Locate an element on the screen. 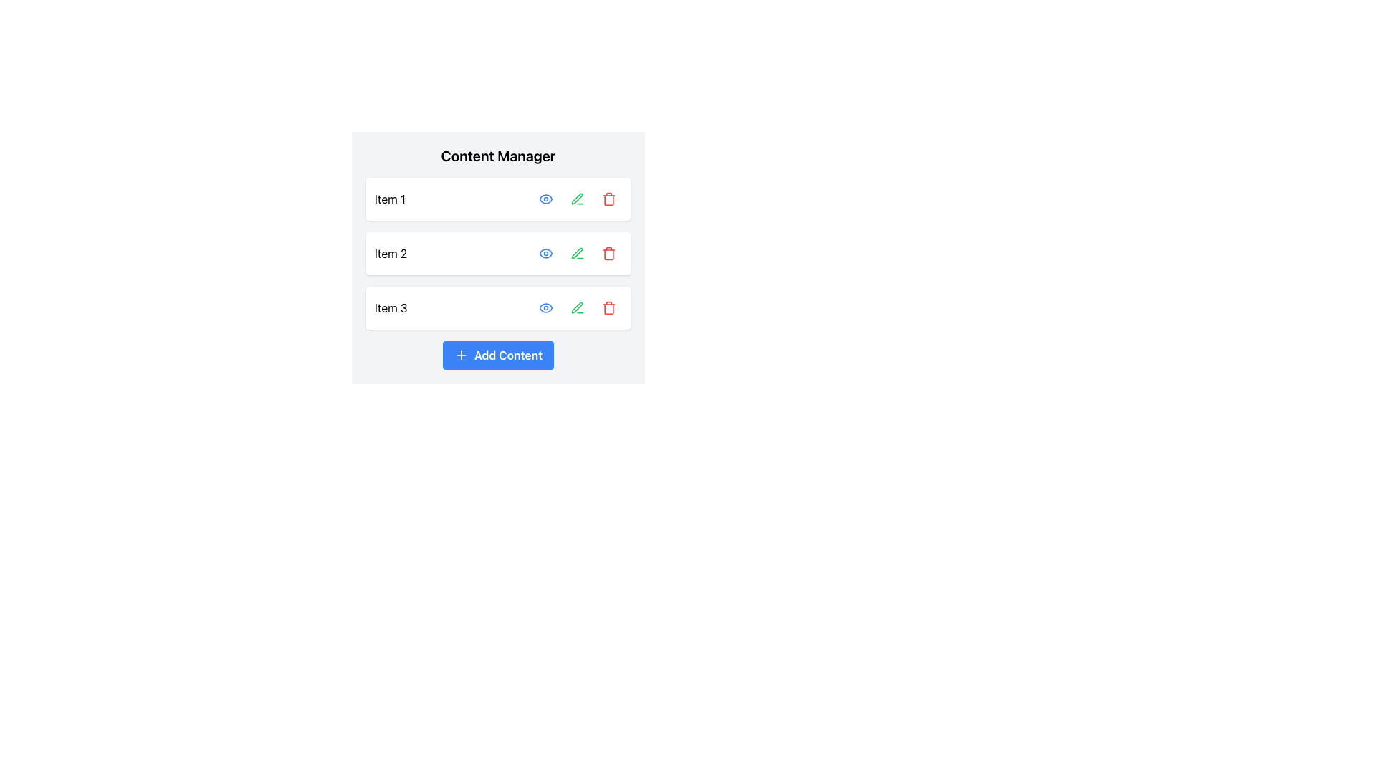 Image resolution: width=1376 pixels, height=774 pixels. the Icon button located next to 'Item 1' in the 'Content Manager' section is located at coordinates (578, 199).